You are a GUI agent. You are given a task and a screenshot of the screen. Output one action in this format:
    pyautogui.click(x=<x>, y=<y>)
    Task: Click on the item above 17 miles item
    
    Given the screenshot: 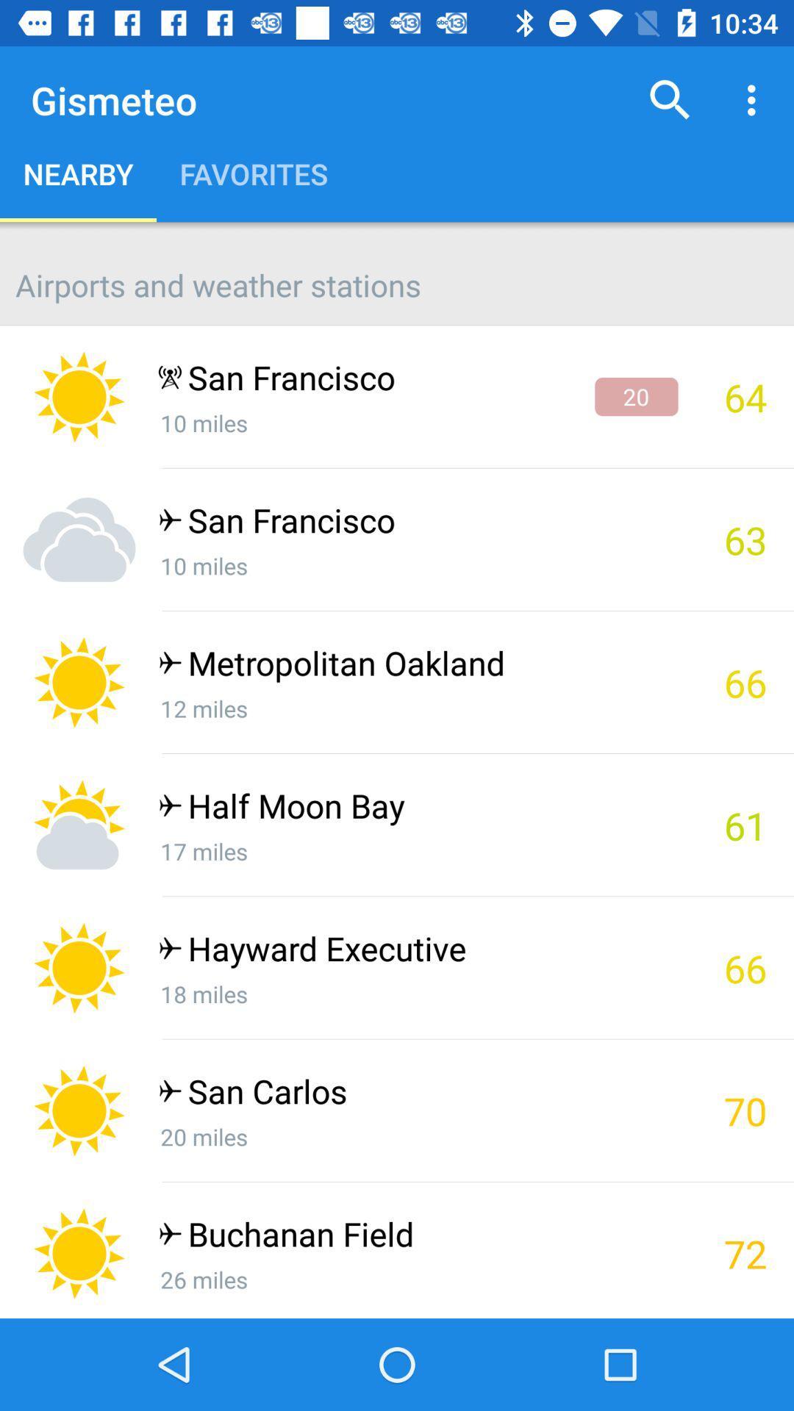 What is the action you would take?
    pyautogui.click(x=418, y=808)
    